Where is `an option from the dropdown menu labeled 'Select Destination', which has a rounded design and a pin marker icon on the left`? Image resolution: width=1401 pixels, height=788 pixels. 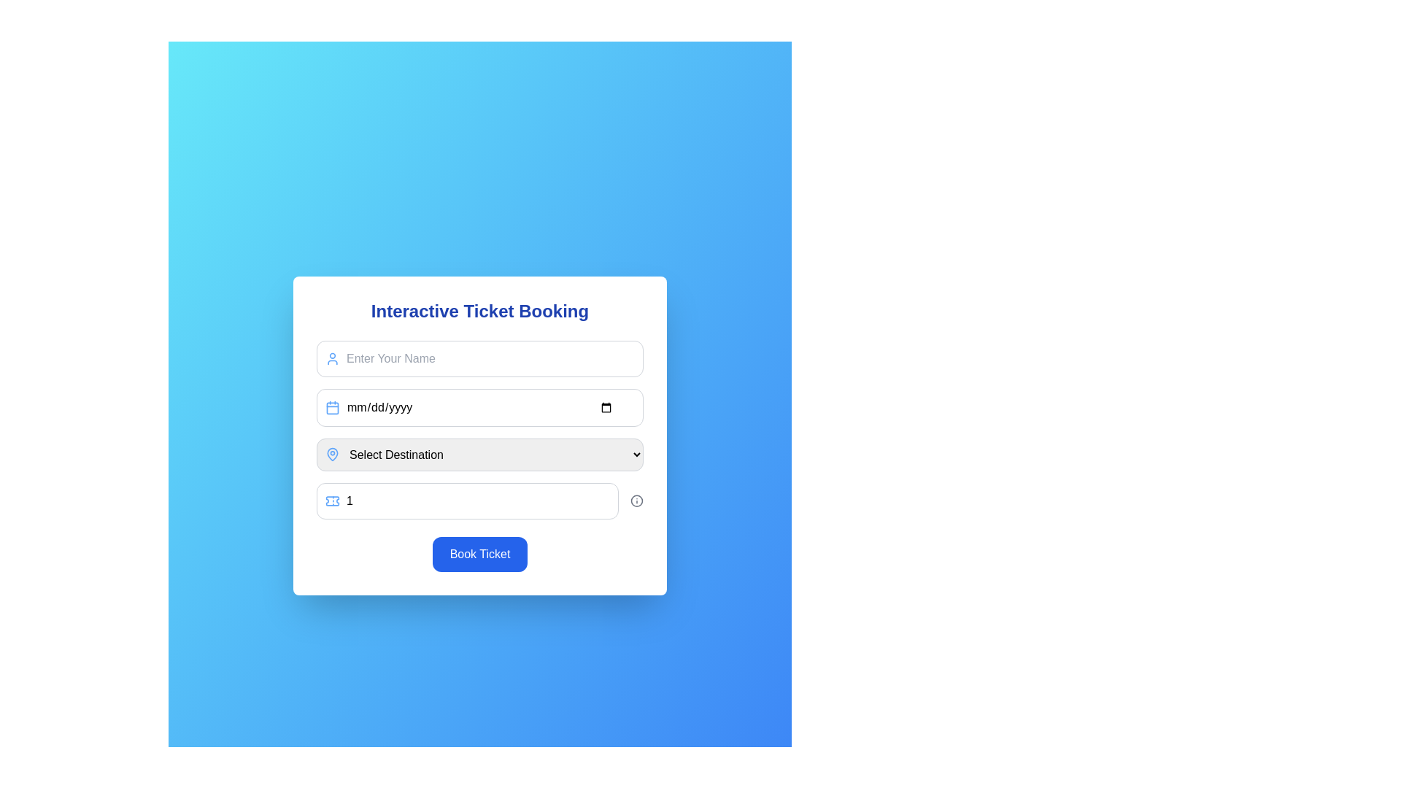 an option from the dropdown menu labeled 'Select Destination', which has a rounded design and a pin marker icon on the left is located at coordinates (479, 454).